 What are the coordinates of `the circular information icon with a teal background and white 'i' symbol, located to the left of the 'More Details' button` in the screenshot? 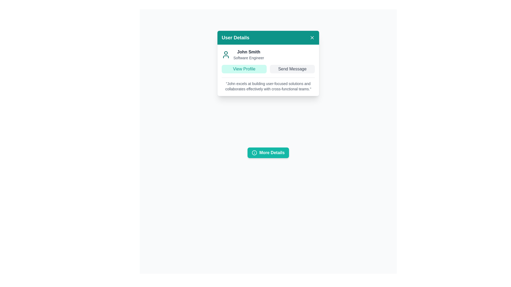 It's located at (254, 153).